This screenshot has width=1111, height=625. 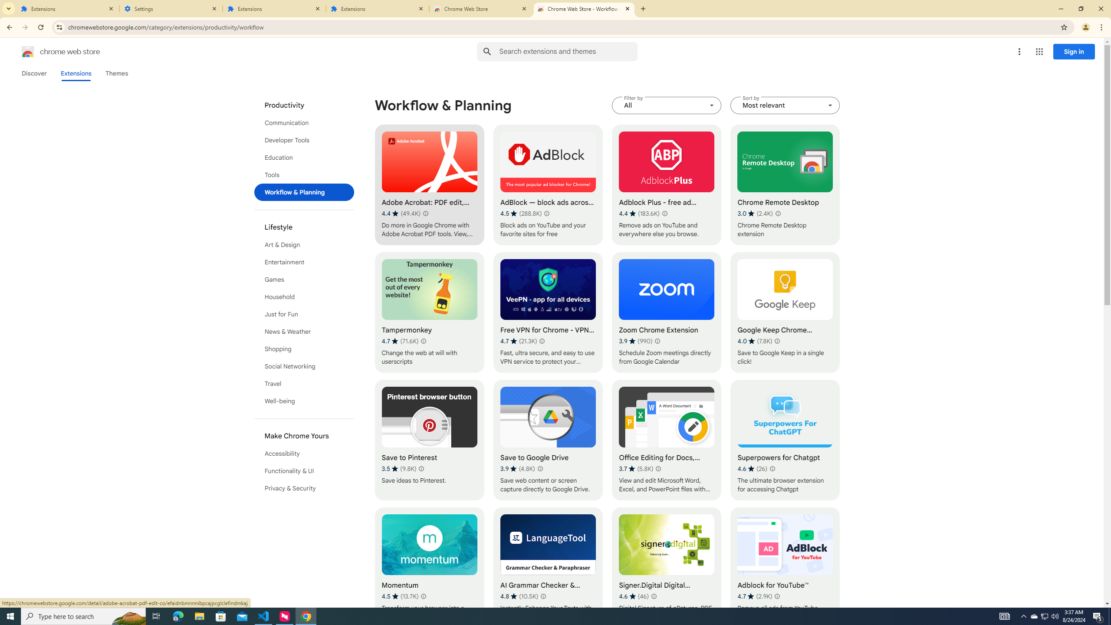 What do you see at coordinates (784, 312) in the screenshot?
I see `'Google Keep Chrome Extension'` at bounding box center [784, 312].